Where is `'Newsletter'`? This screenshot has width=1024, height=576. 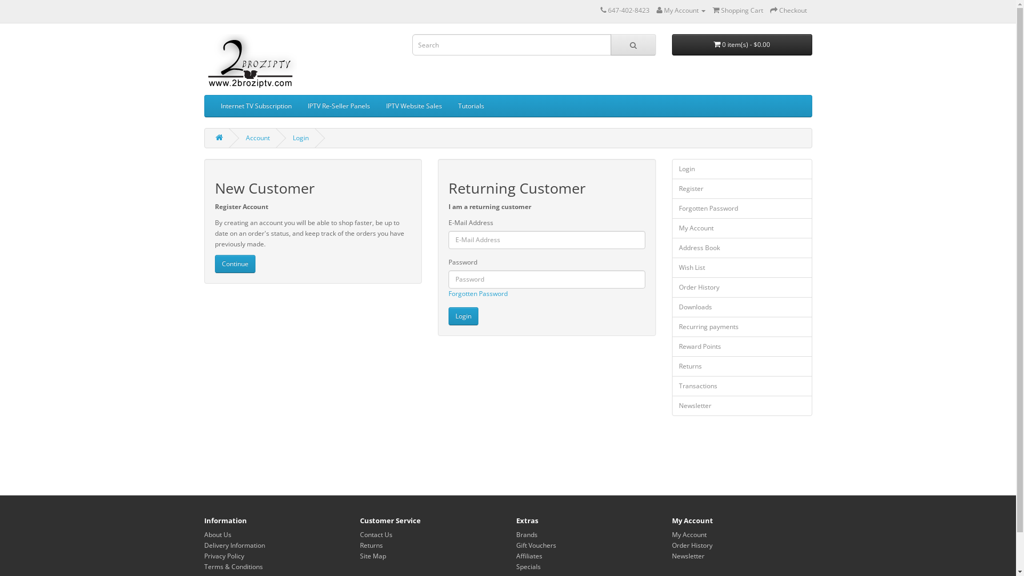
'Newsletter' is located at coordinates (671, 555).